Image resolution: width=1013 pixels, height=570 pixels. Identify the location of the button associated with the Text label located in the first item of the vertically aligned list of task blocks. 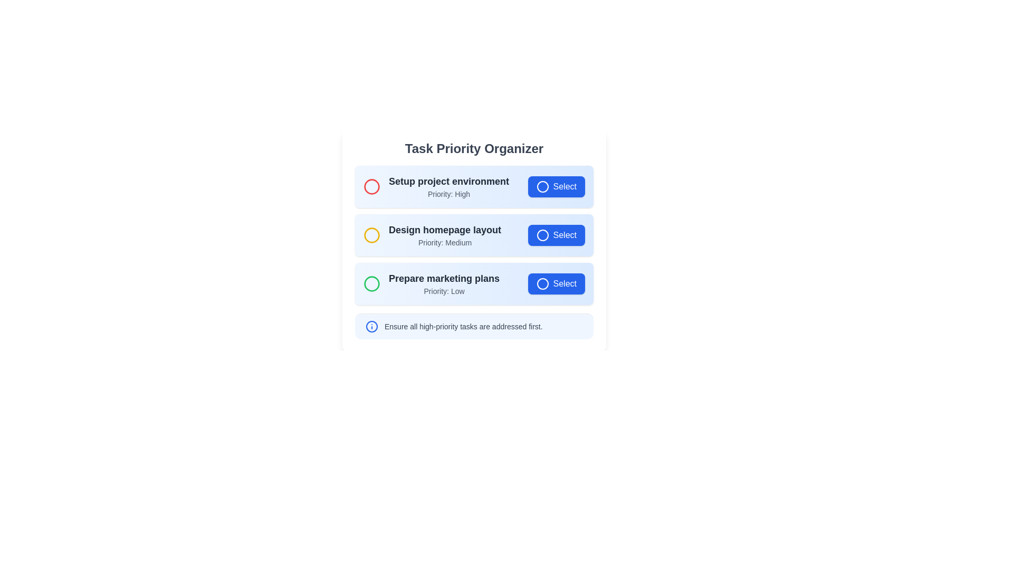
(564, 186).